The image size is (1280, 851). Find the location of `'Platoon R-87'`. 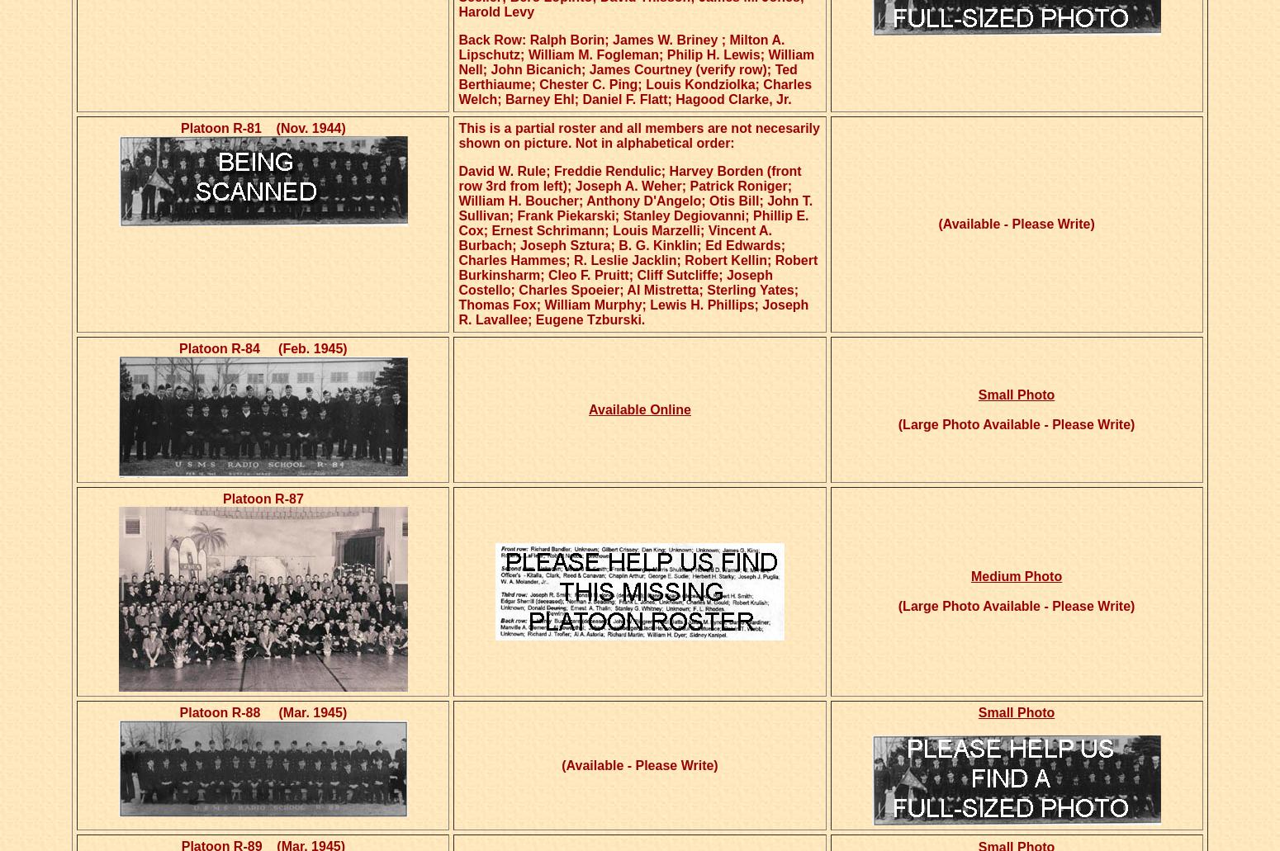

'Platoon R-87' is located at coordinates (262, 498).